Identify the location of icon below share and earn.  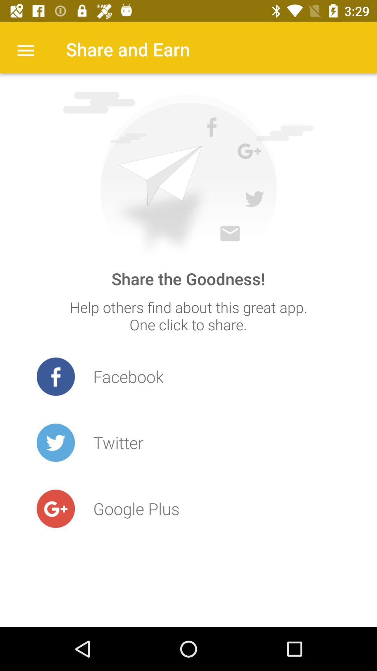
(188, 175).